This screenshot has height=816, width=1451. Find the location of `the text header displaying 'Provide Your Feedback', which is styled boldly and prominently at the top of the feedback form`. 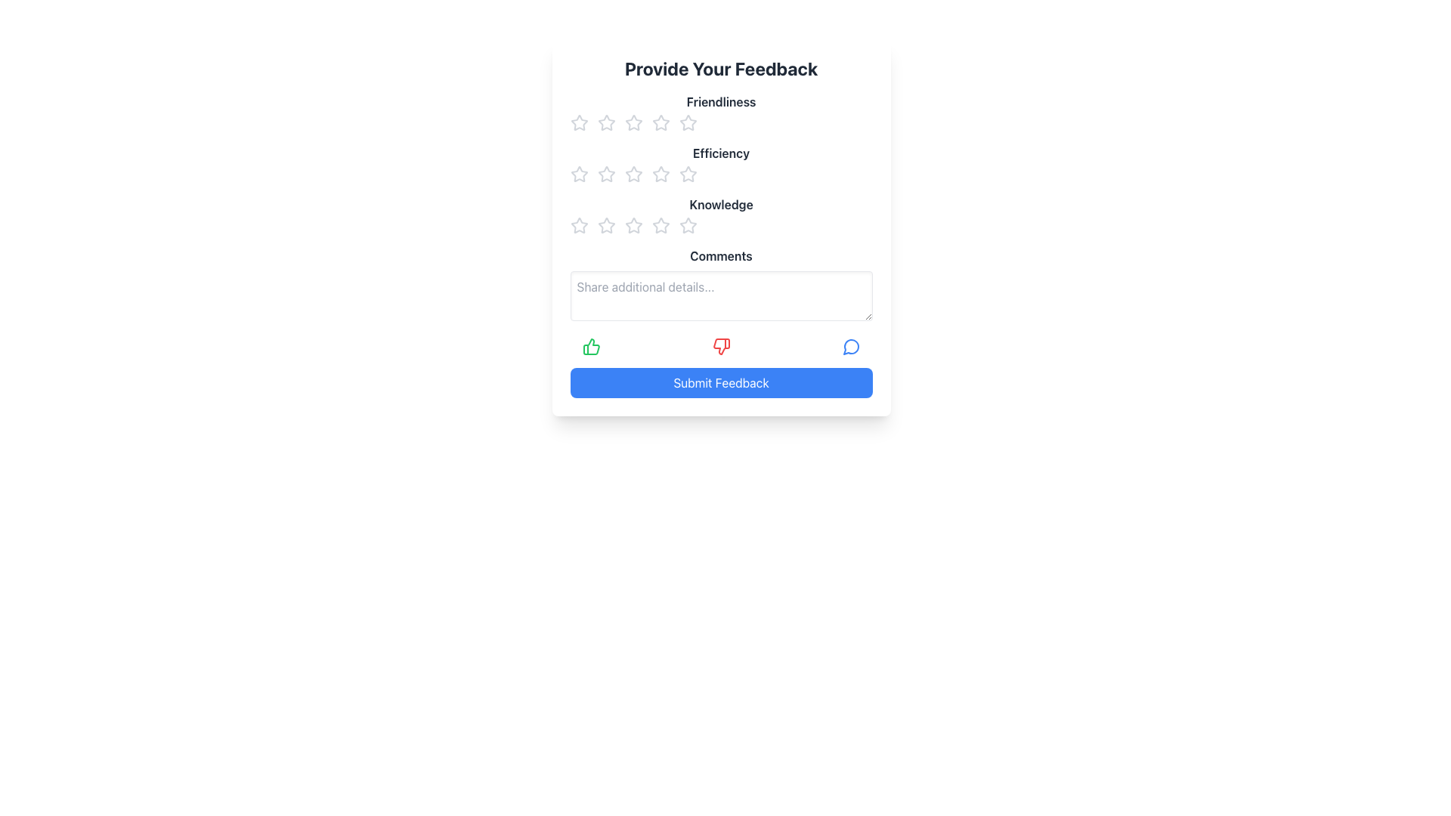

the text header displaying 'Provide Your Feedback', which is styled boldly and prominently at the top of the feedback form is located at coordinates (720, 69).